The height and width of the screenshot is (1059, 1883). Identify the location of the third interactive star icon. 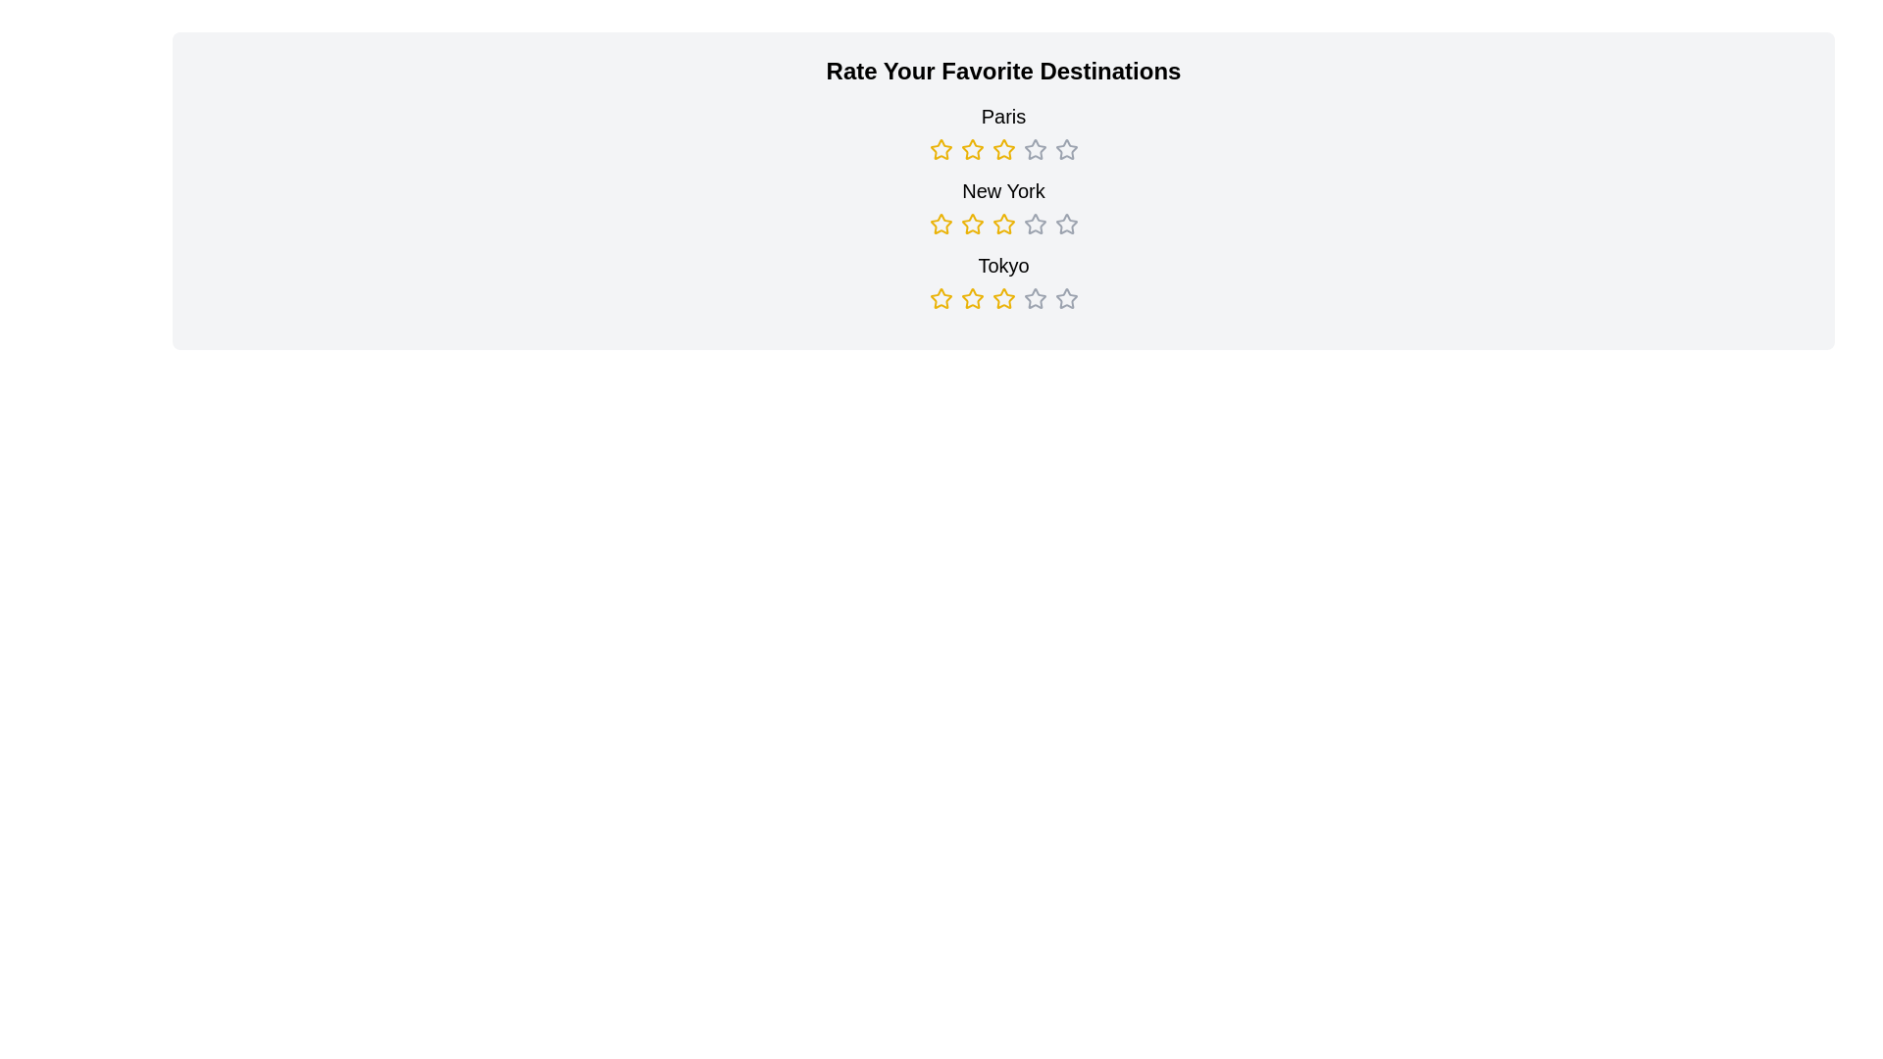
(1002, 298).